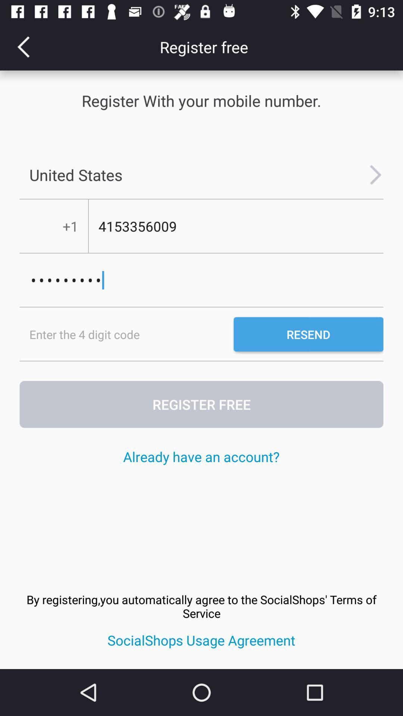  I want to click on resend, so click(308, 334).